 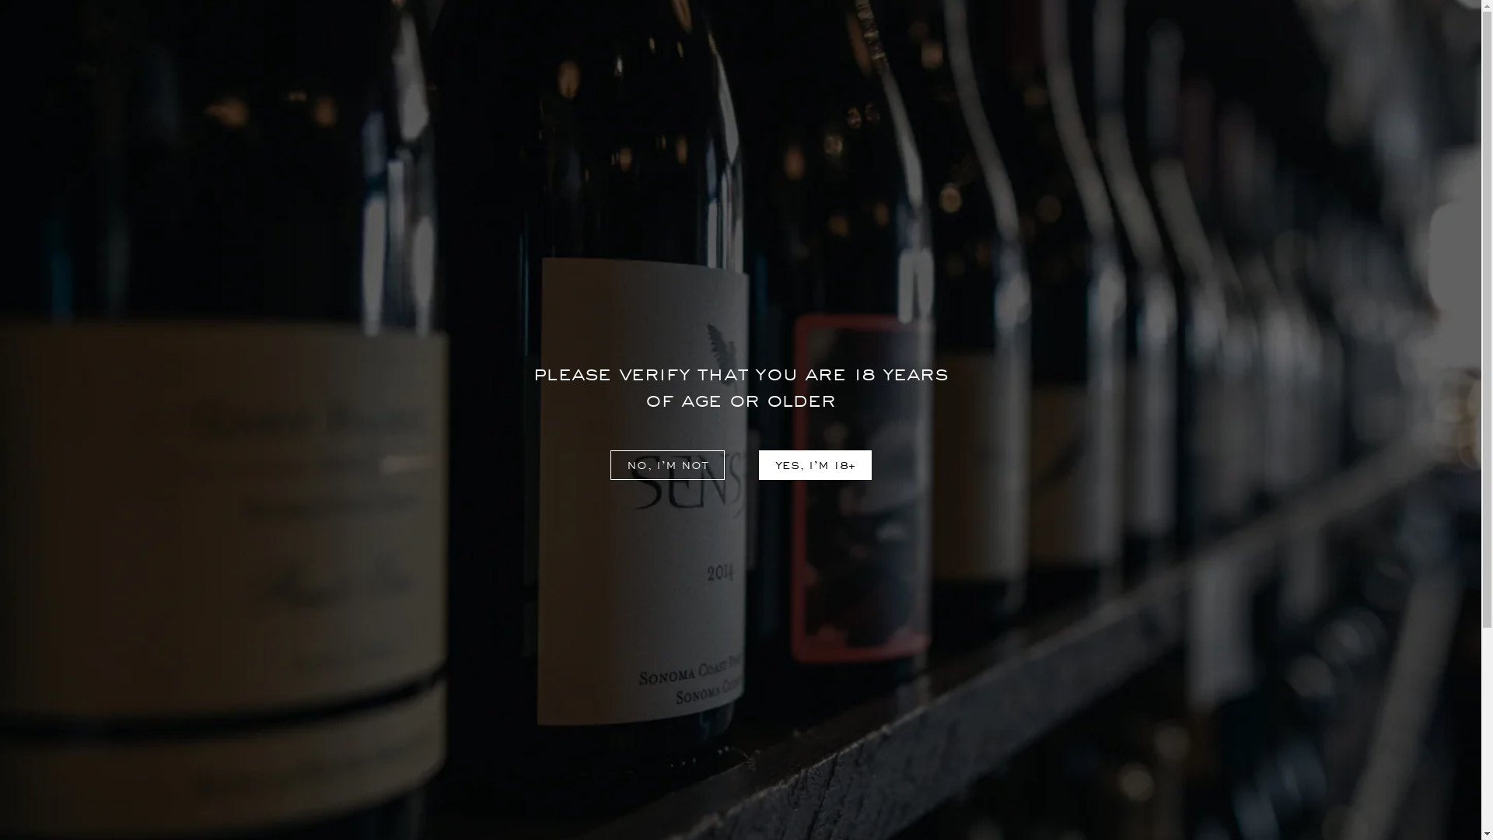 I want to click on 'Wine Regions', so click(x=515, y=749).